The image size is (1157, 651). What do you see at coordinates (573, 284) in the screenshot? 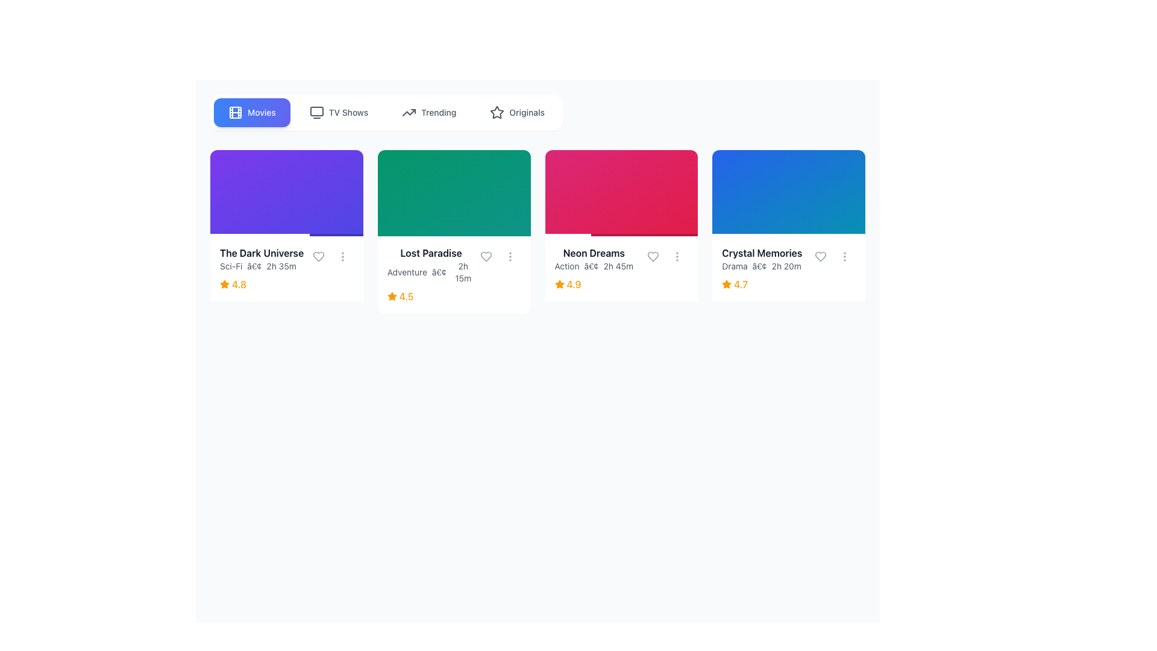
I see `the static text label displaying '4.9' in bold amber-orange color located below the 'Neon Dreams' card, following the star icon` at bounding box center [573, 284].